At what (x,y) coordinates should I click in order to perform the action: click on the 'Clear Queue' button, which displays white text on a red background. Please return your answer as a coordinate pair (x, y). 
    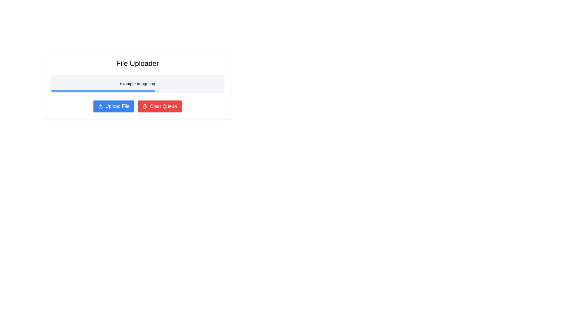
    Looking at the image, I should click on (163, 106).